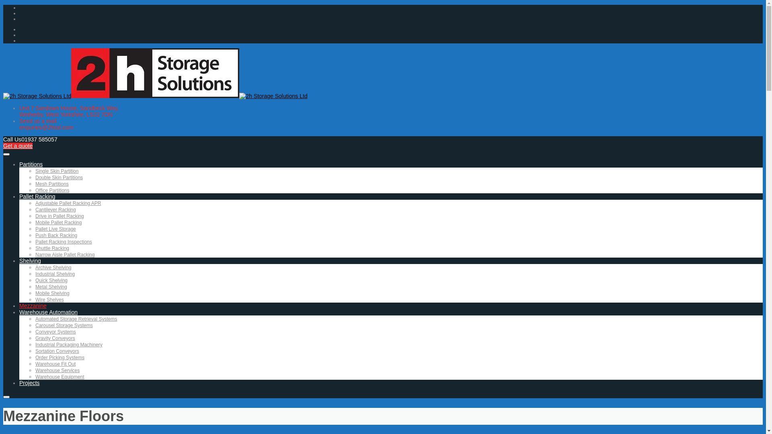  I want to click on 'Carousel Storage Systems', so click(64, 325).